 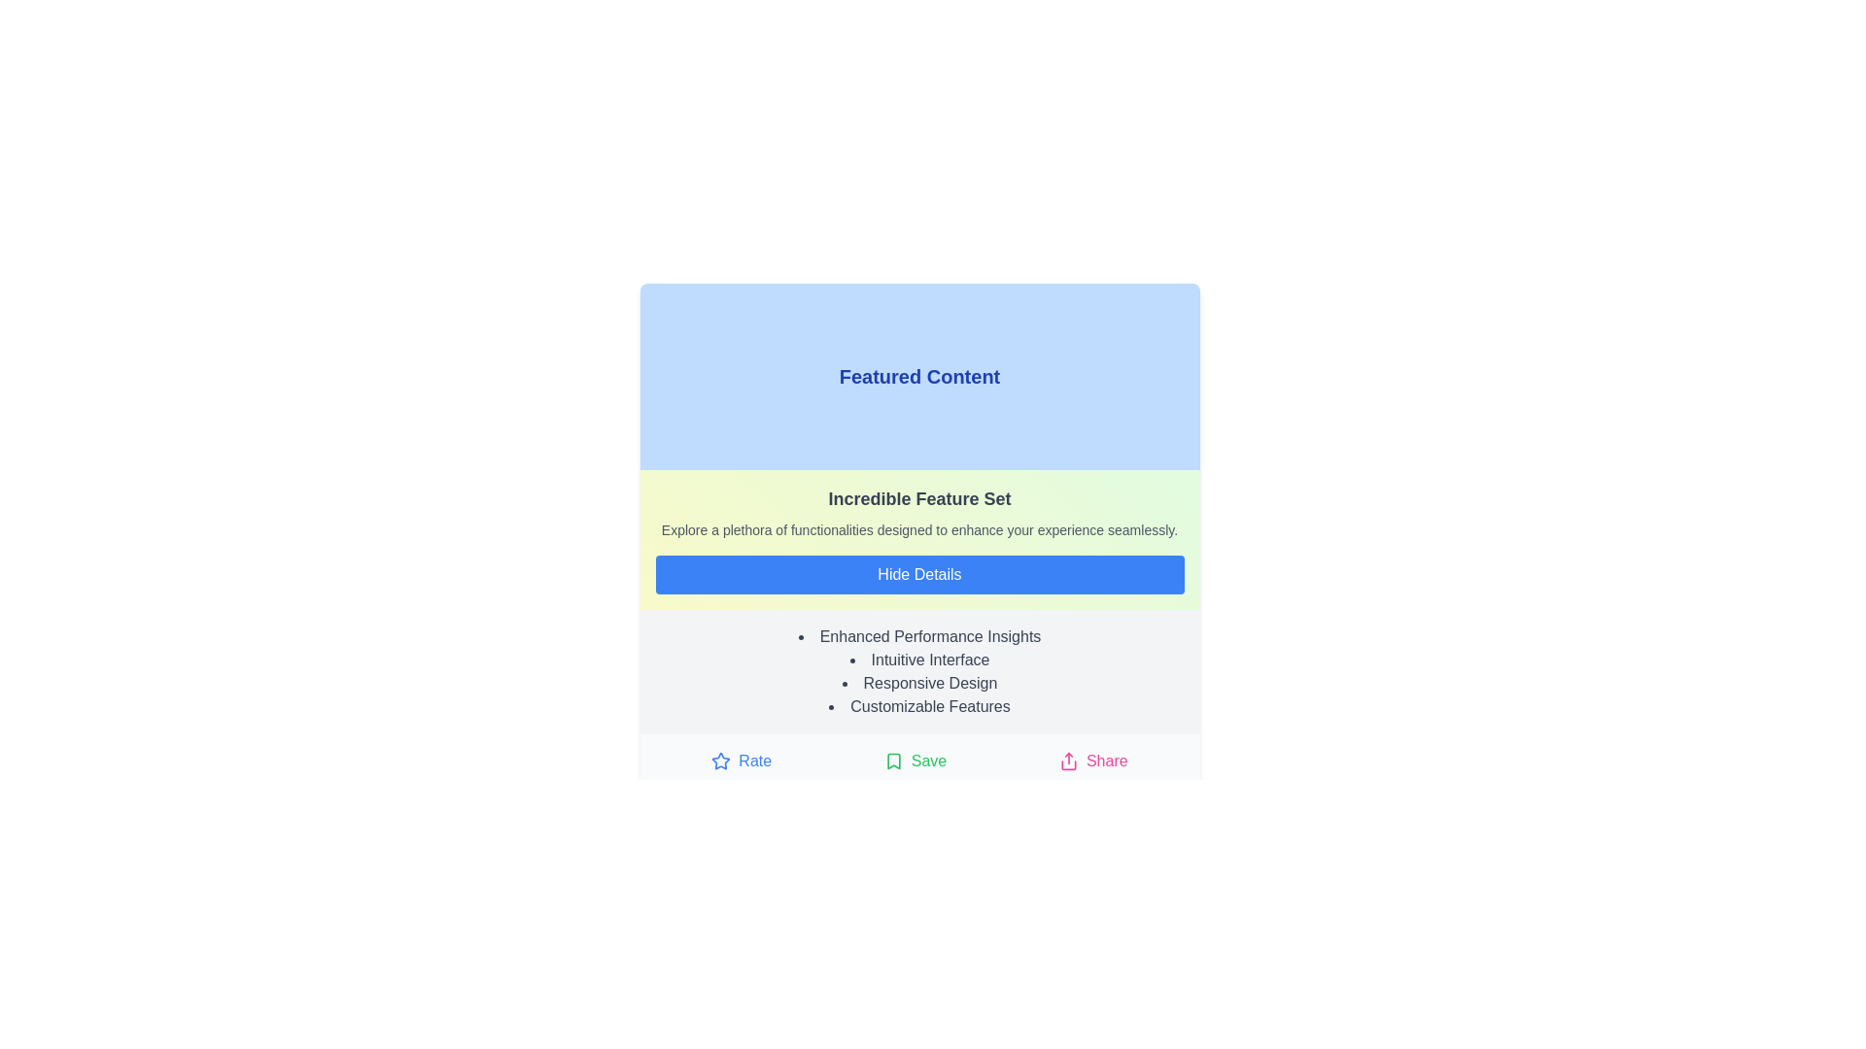 What do you see at coordinates (918, 683) in the screenshot?
I see `the informational text element that lists 'Responsive Design' in the bulleted list under the 'Incredible Feature Set' heading` at bounding box center [918, 683].